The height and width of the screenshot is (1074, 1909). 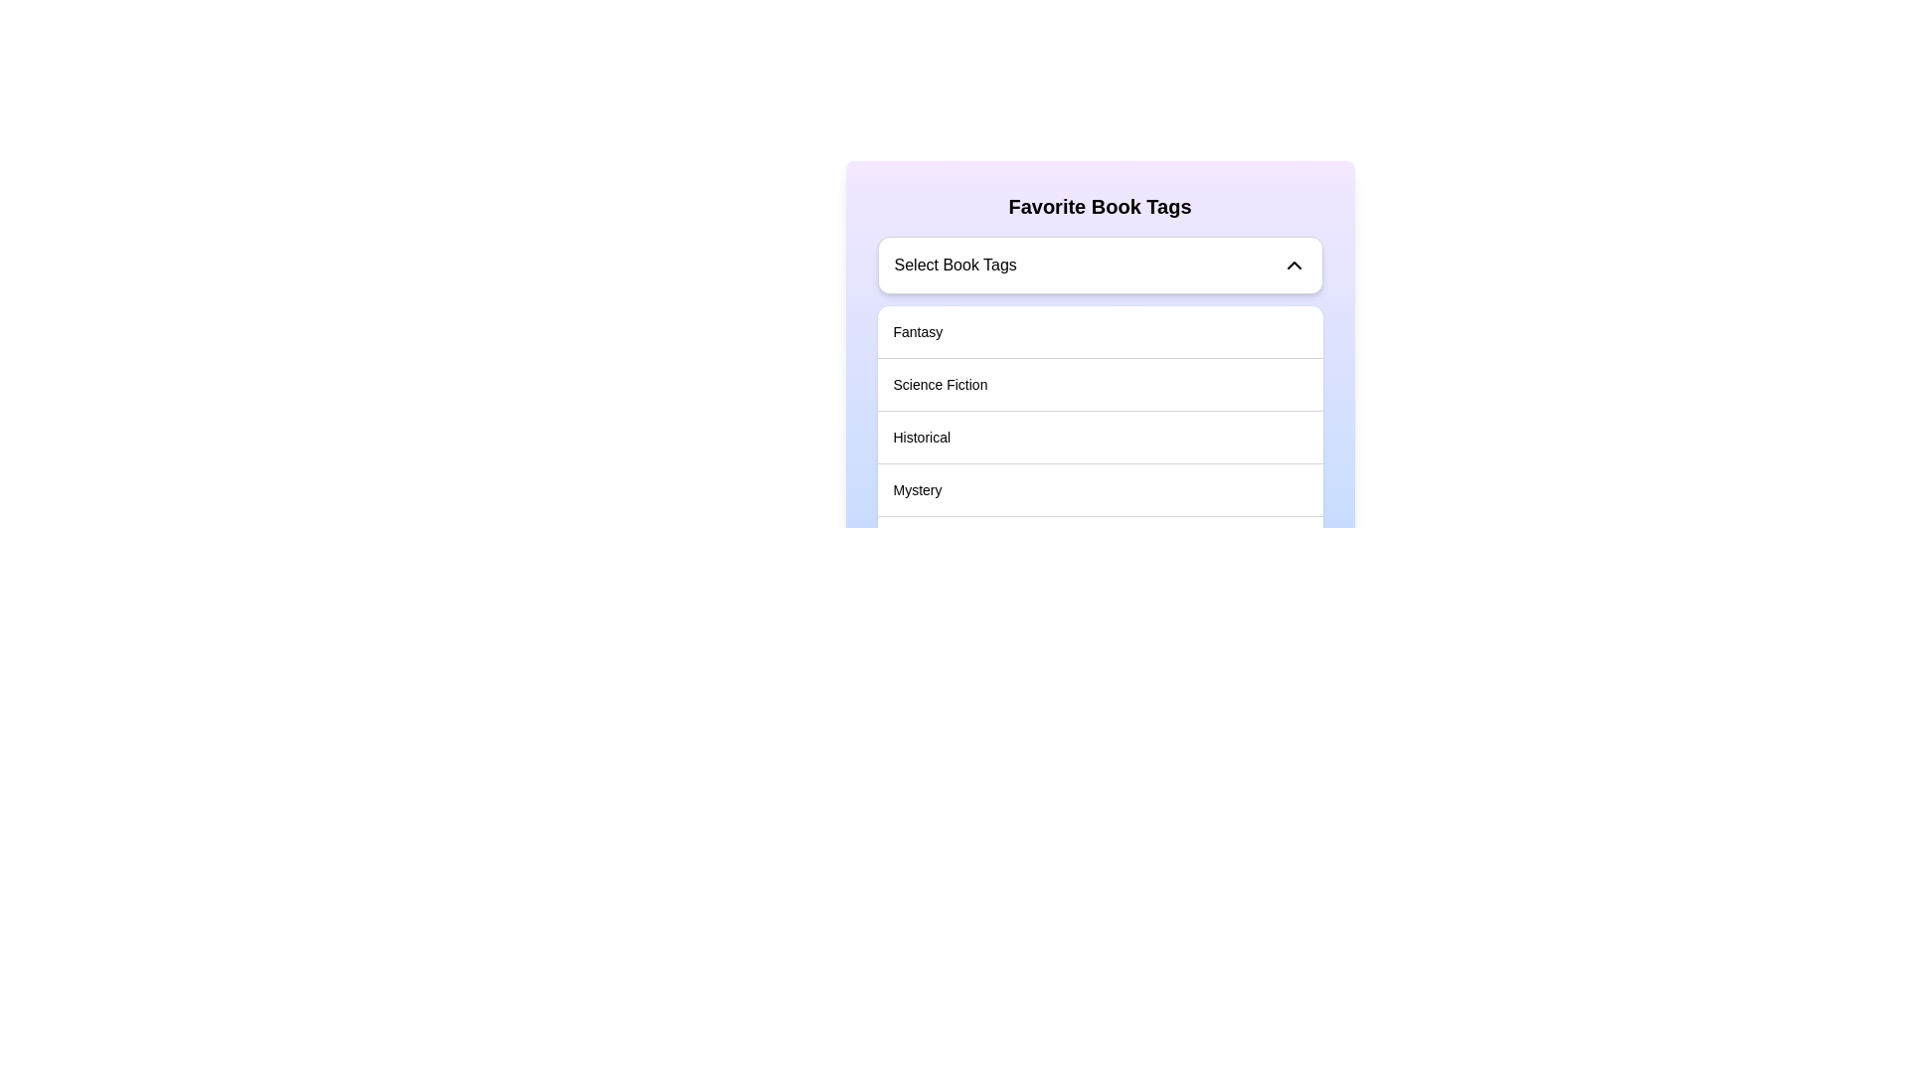 I want to click on the third item in the dropdown menu labeled 'Historical', so click(x=1099, y=436).